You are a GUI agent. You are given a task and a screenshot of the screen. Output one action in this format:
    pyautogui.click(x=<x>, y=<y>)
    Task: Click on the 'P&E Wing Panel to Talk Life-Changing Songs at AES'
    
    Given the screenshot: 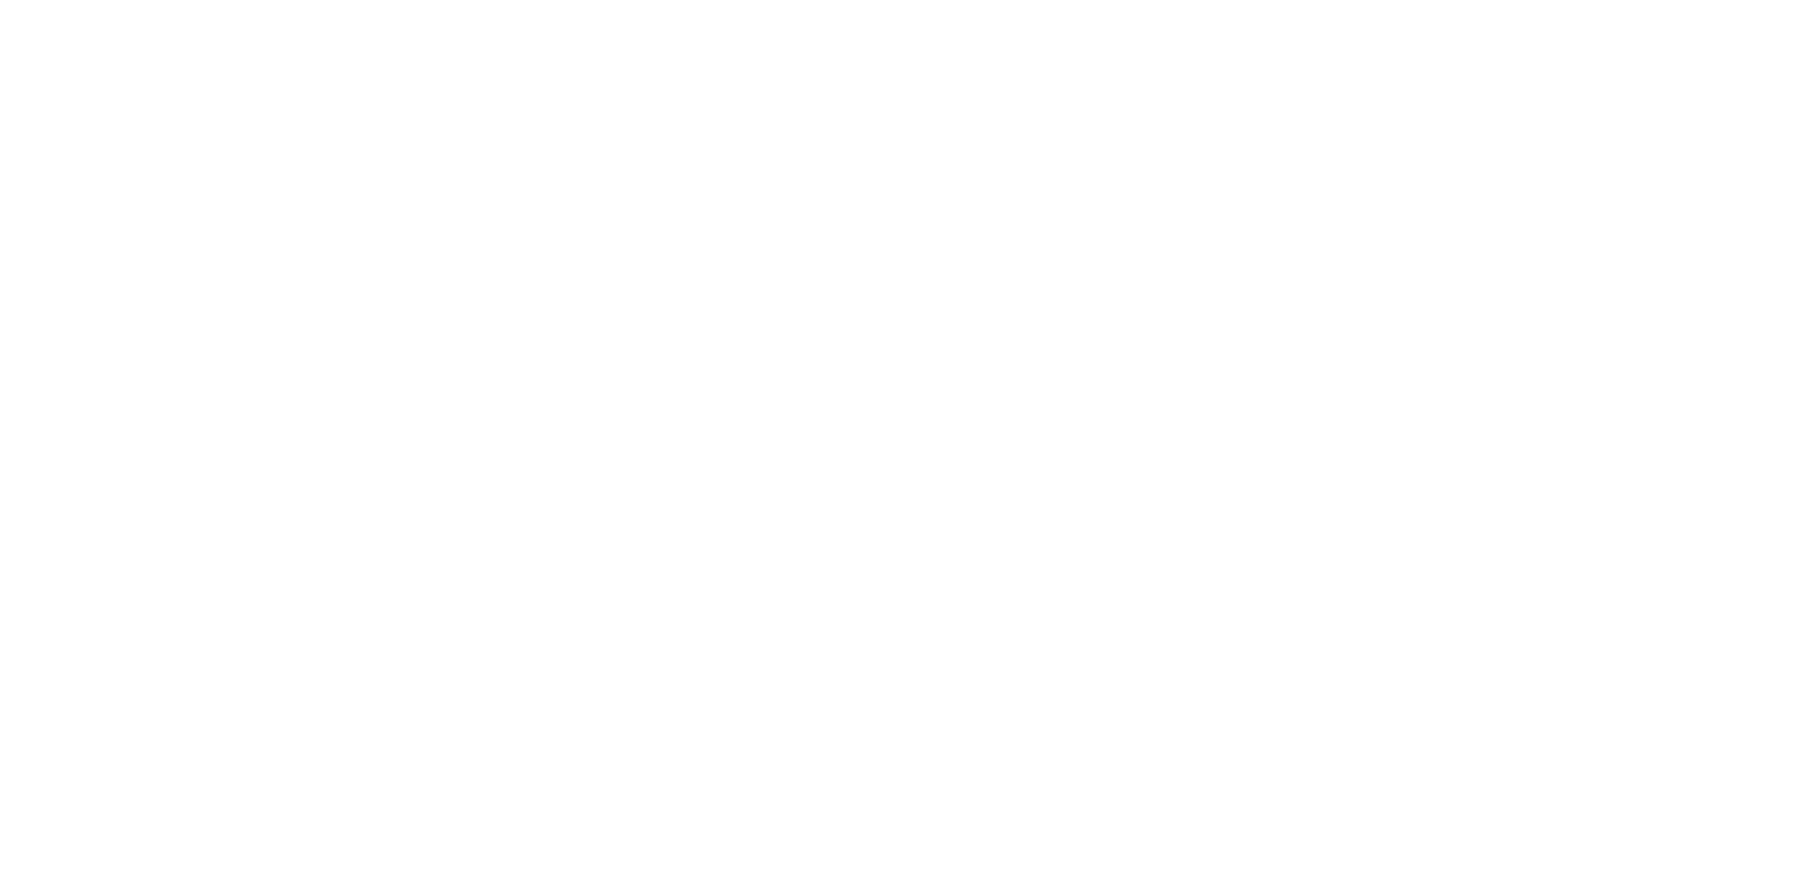 What is the action you would take?
    pyautogui.click(x=941, y=540)
    